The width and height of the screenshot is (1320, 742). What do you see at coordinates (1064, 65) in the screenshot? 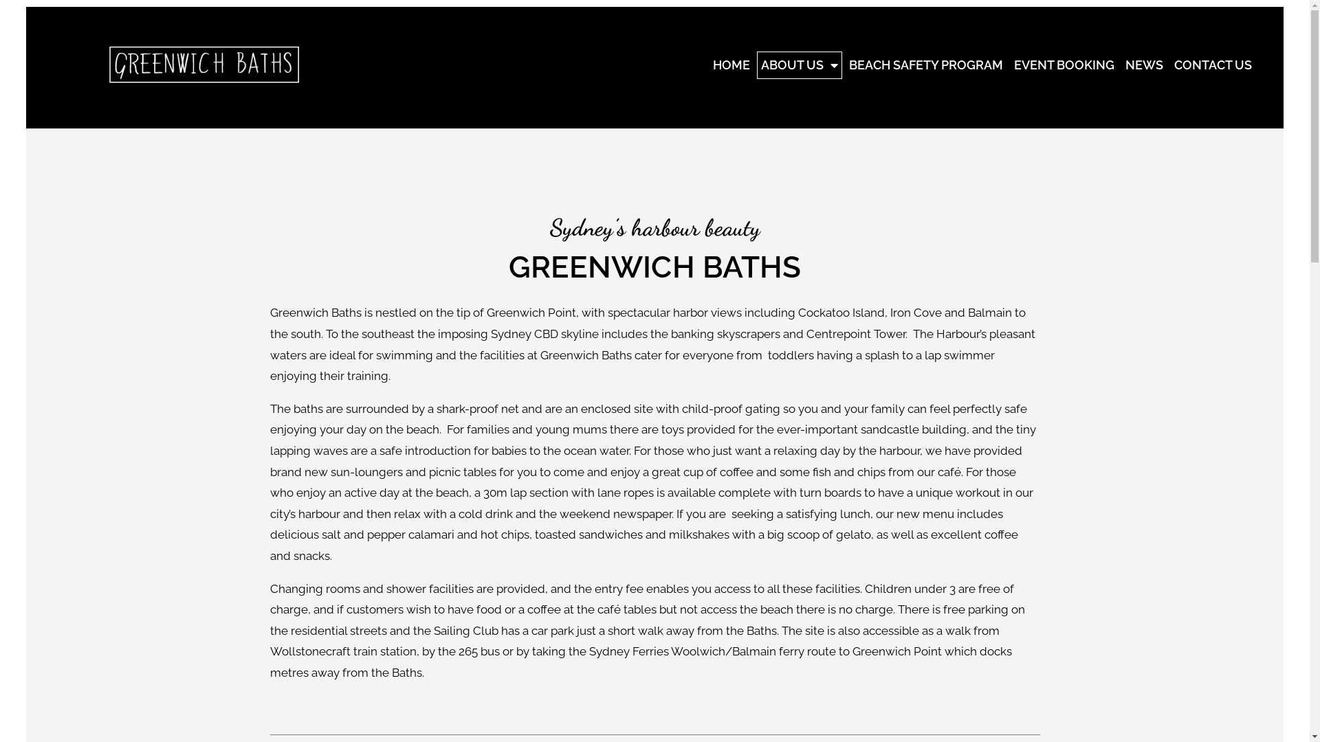
I see `'EVENT BOOKING'` at bounding box center [1064, 65].